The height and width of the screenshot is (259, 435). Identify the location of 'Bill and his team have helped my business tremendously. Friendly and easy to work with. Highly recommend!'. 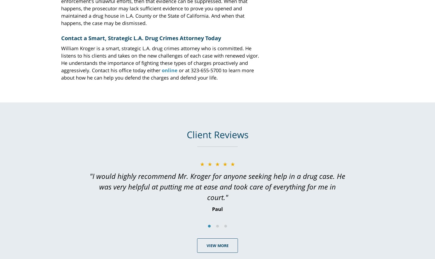
(217, 181).